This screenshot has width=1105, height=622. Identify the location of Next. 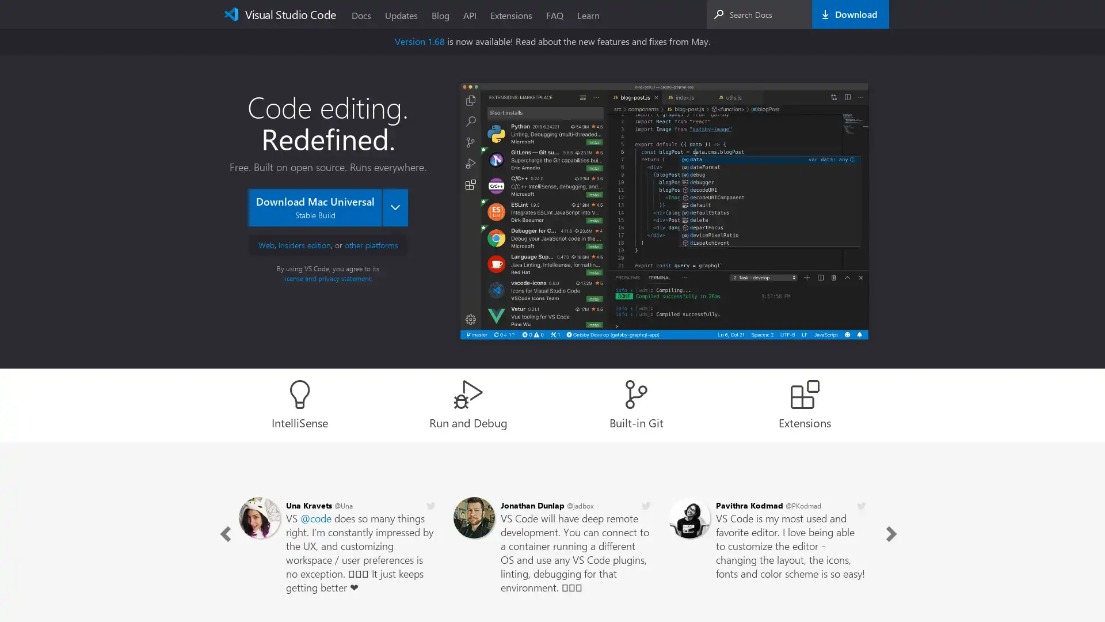
(864, 545).